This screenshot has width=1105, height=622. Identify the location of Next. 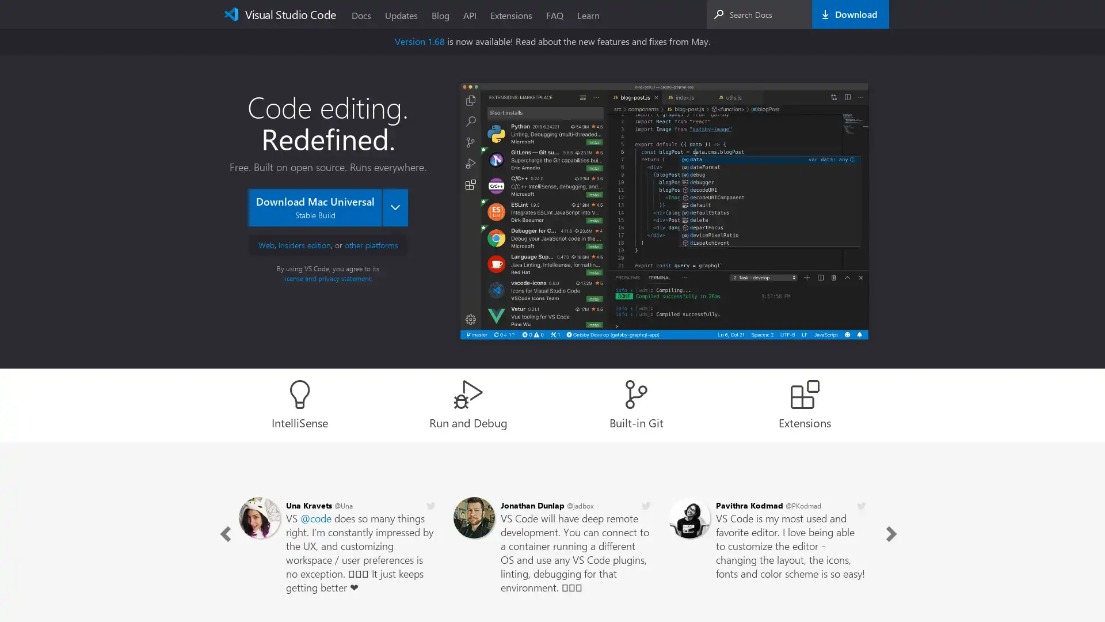
(864, 545).